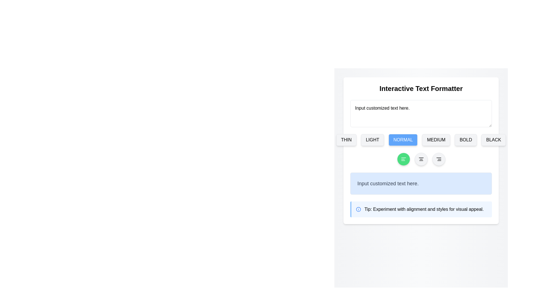 The width and height of the screenshot is (545, 306). I want to click on the 'BOLD' button located in the horizontal group of buttons for keyboard interaction, so click(466, 140).